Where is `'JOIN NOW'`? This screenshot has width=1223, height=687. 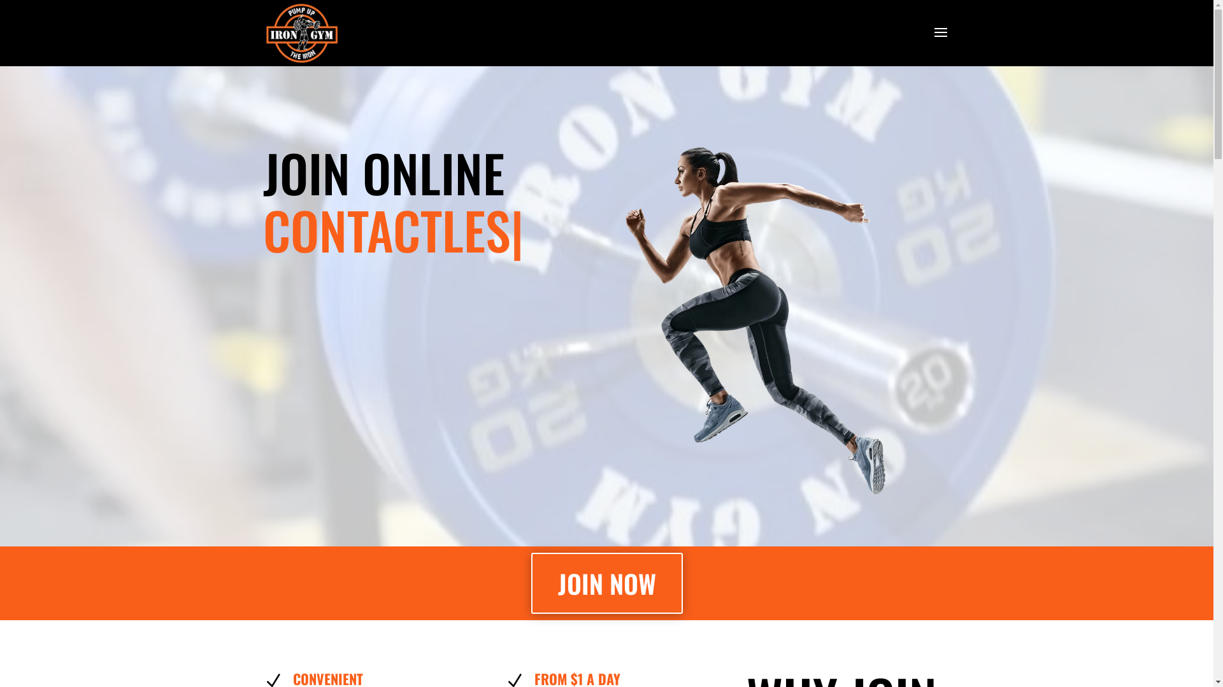 'JOIN NOW' is located at coordinates (606, 583).